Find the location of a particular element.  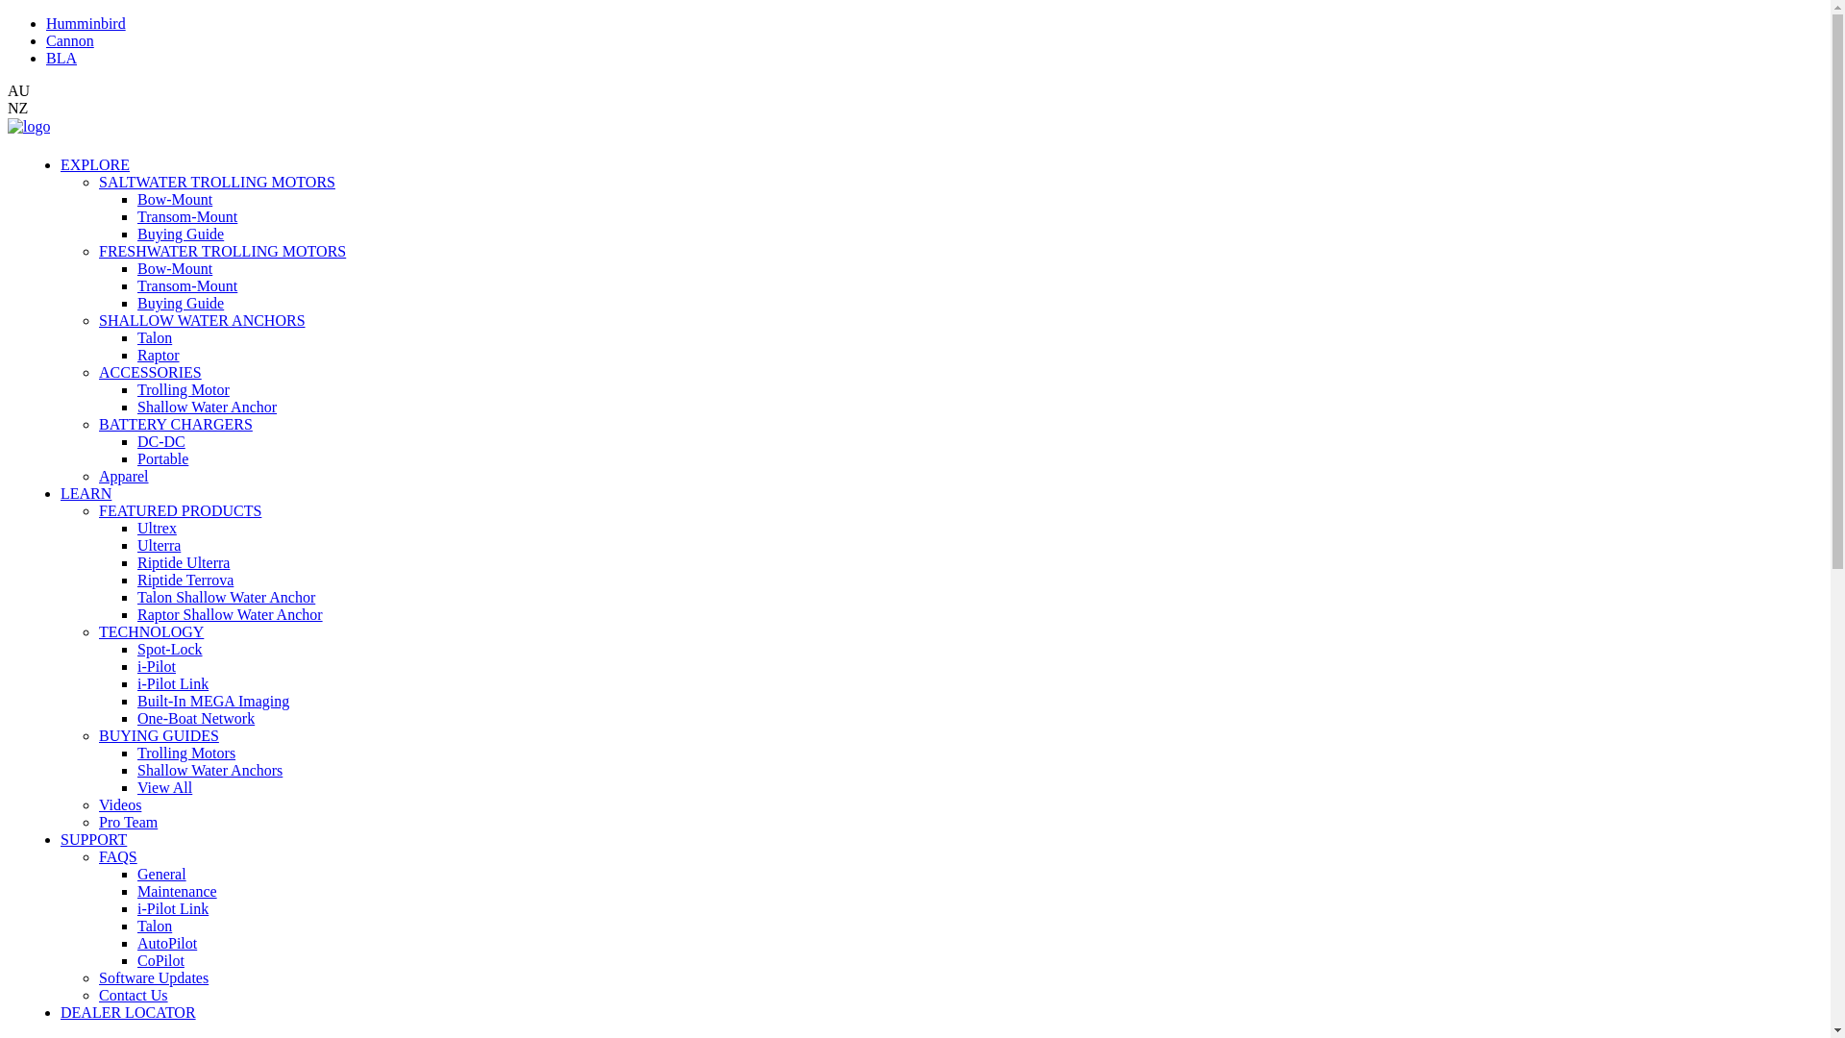

'ACCESSORIES' is located at coordinates (149, 372).